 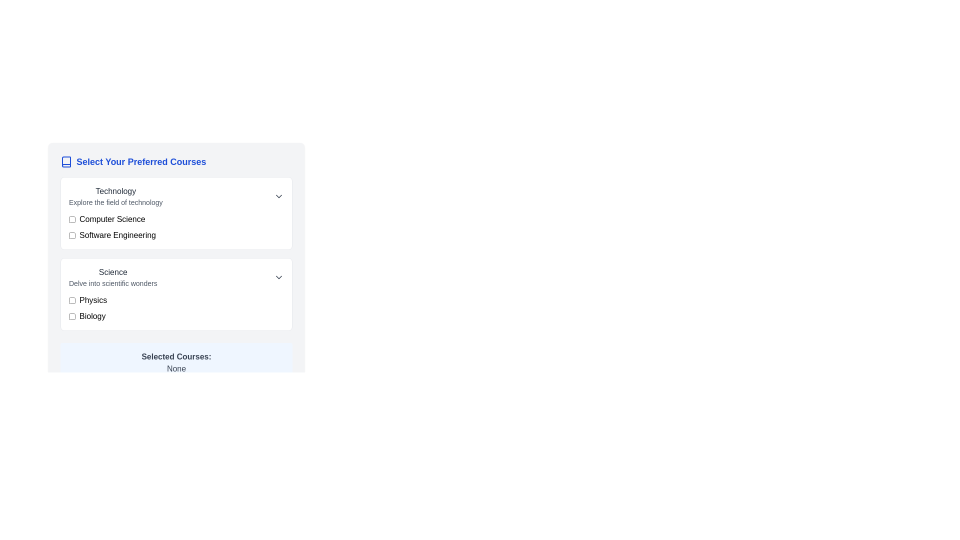 I want to click on the checkbox for 'Software Engineering', so click(x=71, y=235).